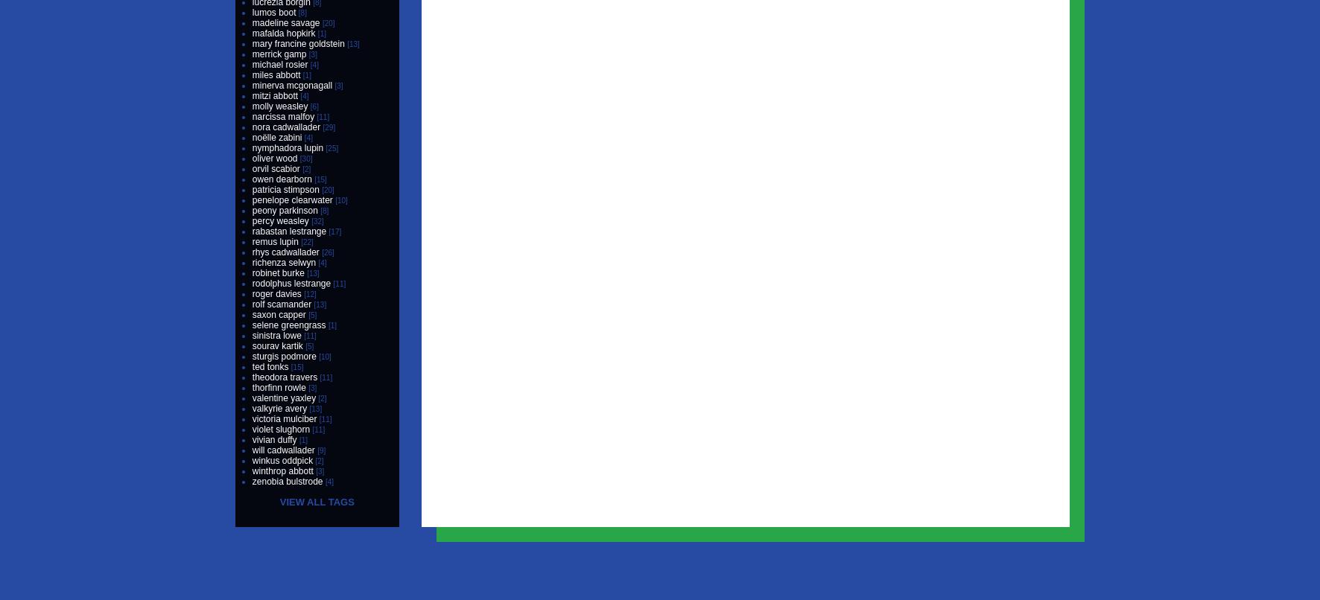 The image size is (1320, 600). What do you see at coordinates (283, 262) in the screenshot?
I see `'richenza selwyn'` at bounding box center [283, 262].